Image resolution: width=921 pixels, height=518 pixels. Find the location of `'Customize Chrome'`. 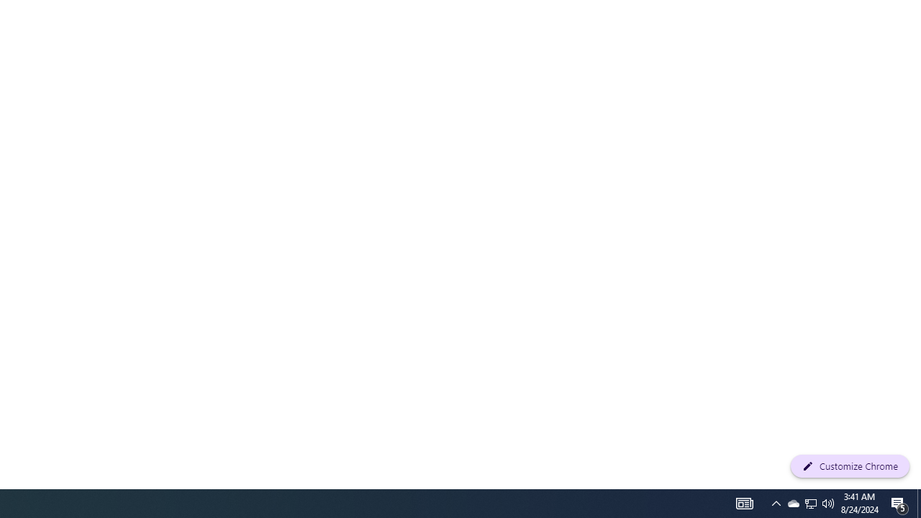

'Customize Chrome' is located at coordinates (850, 466).